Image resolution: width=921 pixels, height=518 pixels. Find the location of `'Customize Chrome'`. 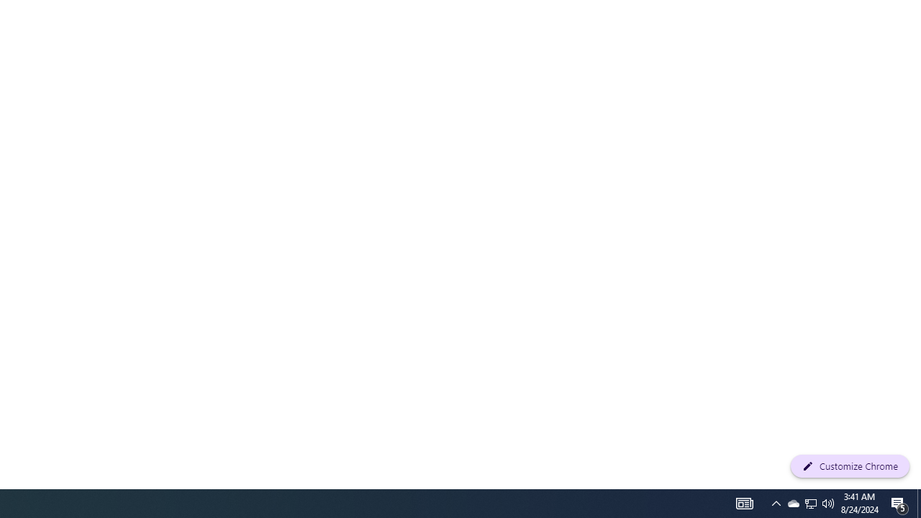

'Customize Chrome' is located at coordinates (850, 466).